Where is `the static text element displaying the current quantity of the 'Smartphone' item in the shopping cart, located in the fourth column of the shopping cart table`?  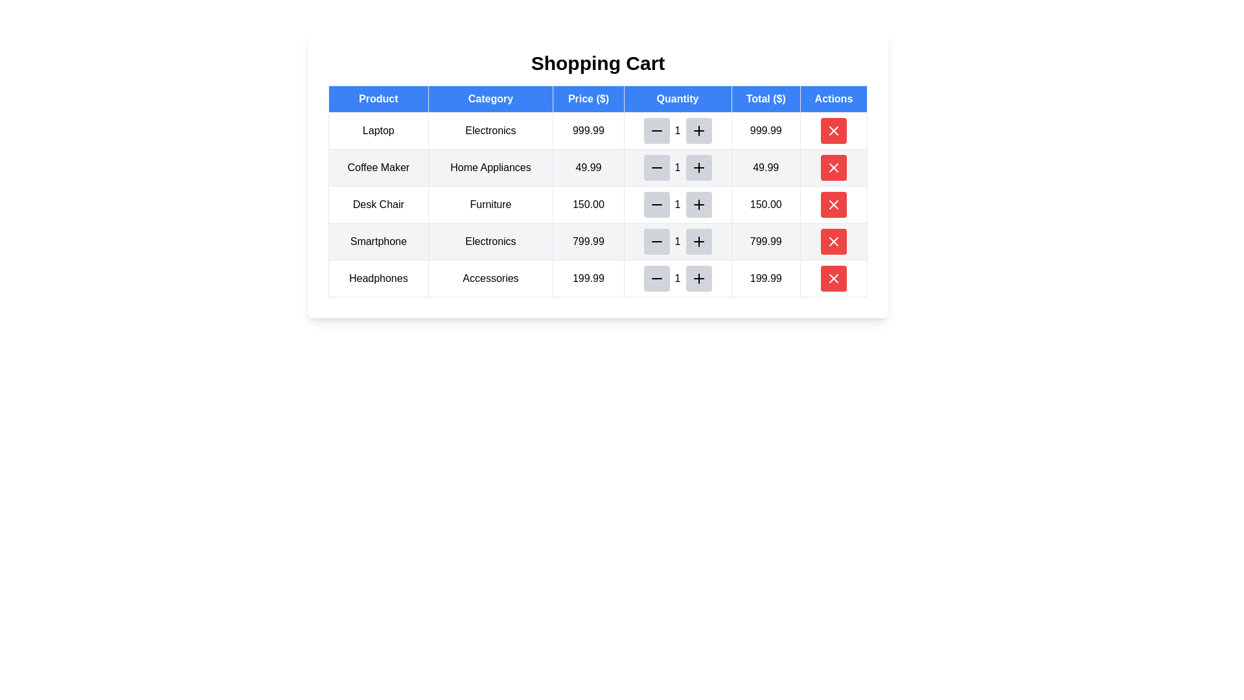 the static text element displaying the current quantity of the 'Smartphone' item in the shopping cart, located in the fourth column of the shopping cart table is located at coordinates (677, 242).